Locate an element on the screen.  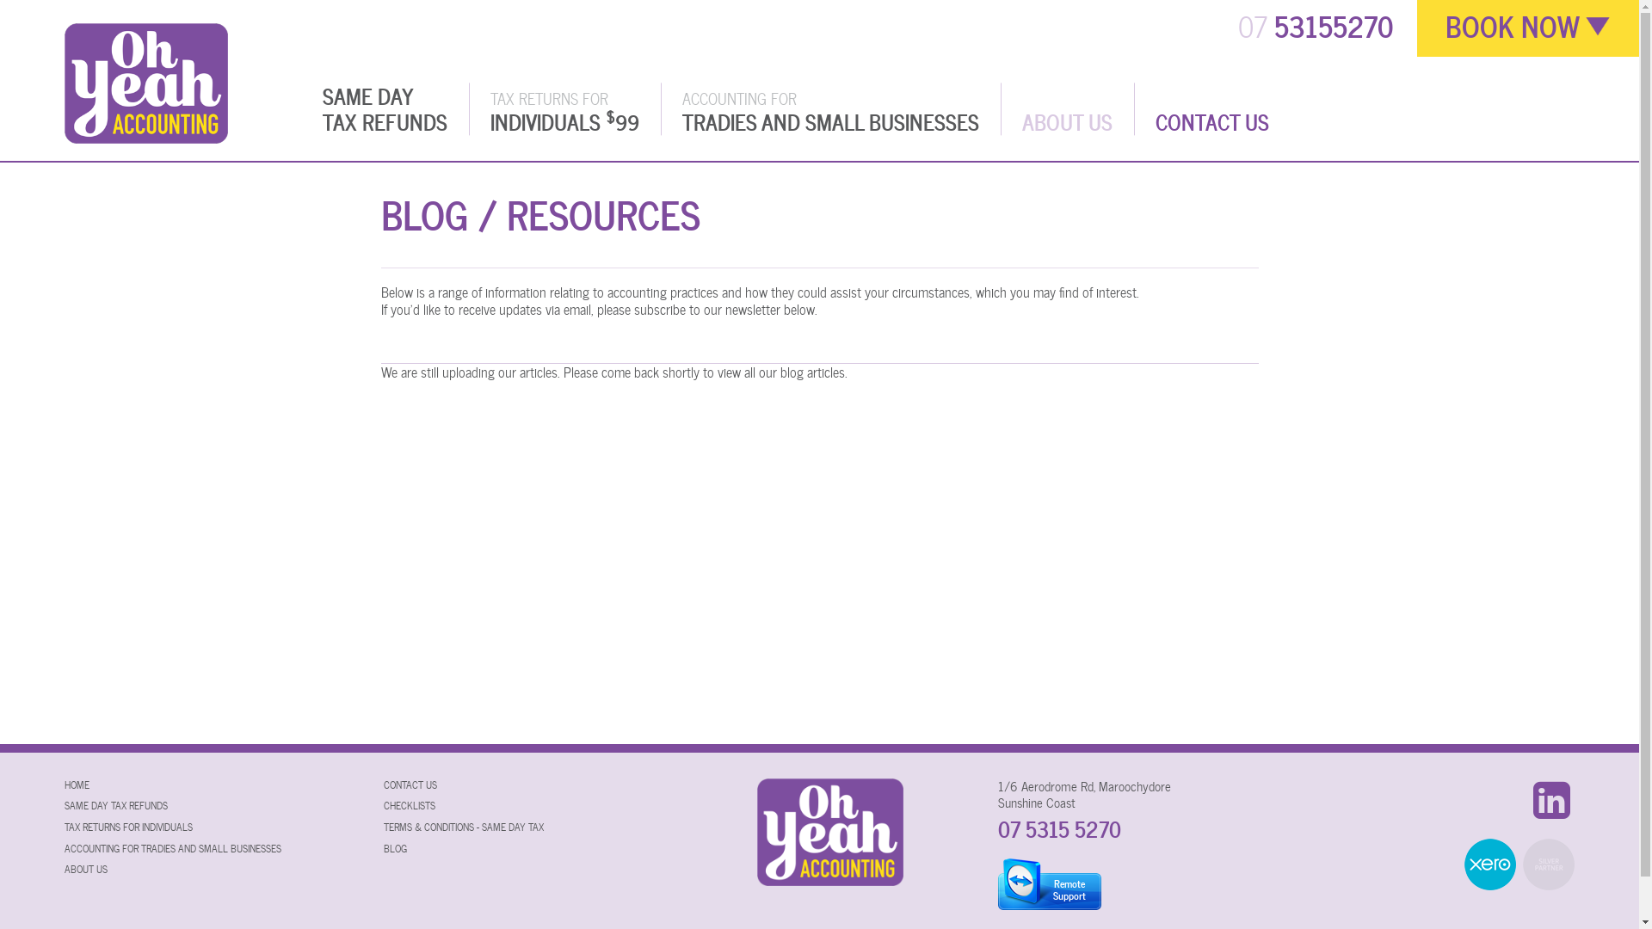
'07 53155270' is located at coordinates (1237, 26).